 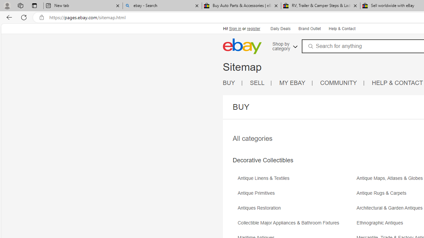 What do you see at coordinates (34, 5) in the screenshot?
I see `'Tab actions menu'` at bounding box center [34, 5].